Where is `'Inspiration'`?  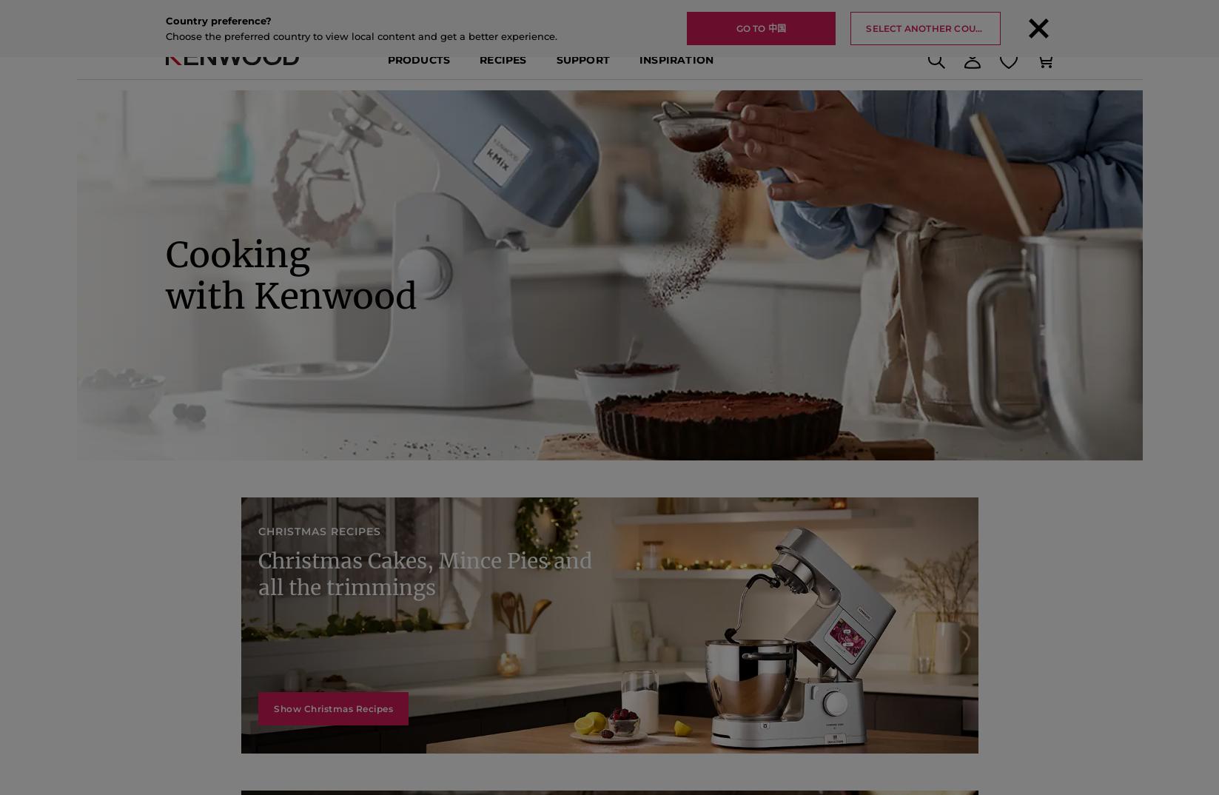
'Inspiration' is located at coordinates (675, 71).